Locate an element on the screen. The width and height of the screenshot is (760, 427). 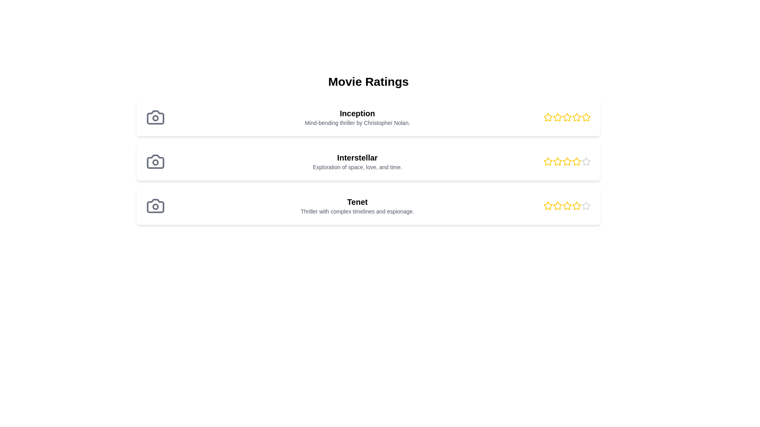
the second star icon in the 'Interstellar' rating section is located at coordinates (557, 161).